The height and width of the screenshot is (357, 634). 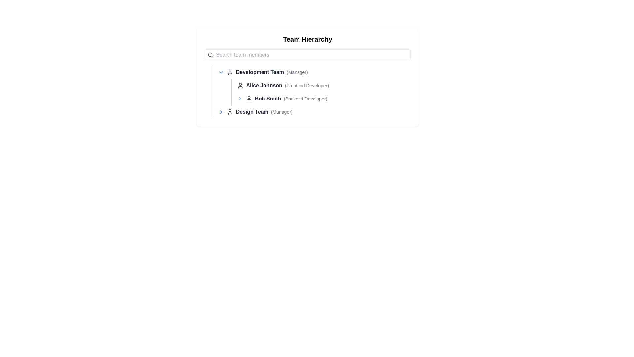 I want to click on the text label displaying '(Frontend Developer)' which is located to the right and slightly below 'Alice Johnson' in the hierarchical list under 'Development Team', so click(x=306, y=85).